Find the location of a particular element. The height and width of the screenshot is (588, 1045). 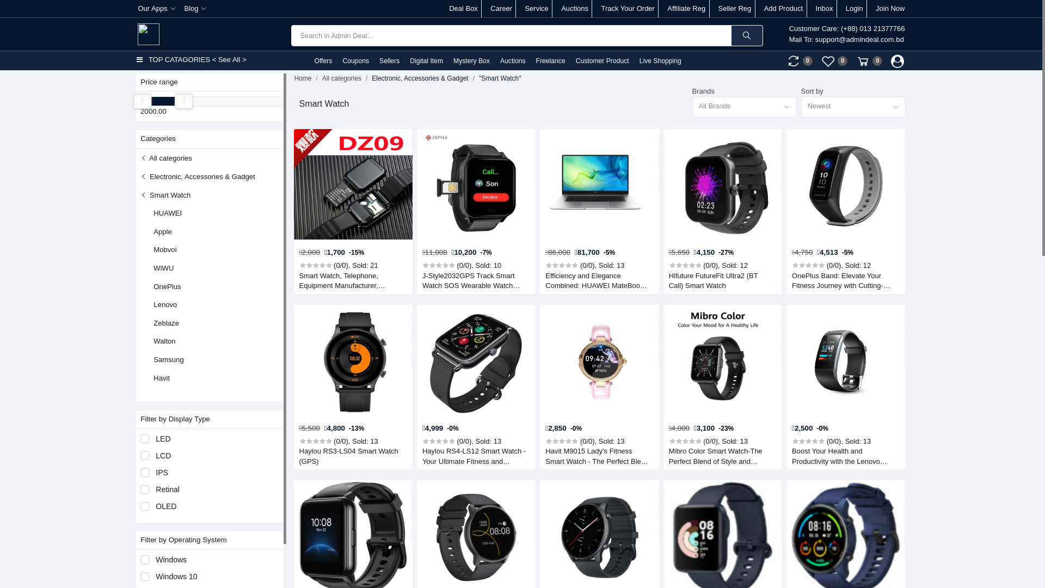

'Havit' is located at coordinates (153, 377).